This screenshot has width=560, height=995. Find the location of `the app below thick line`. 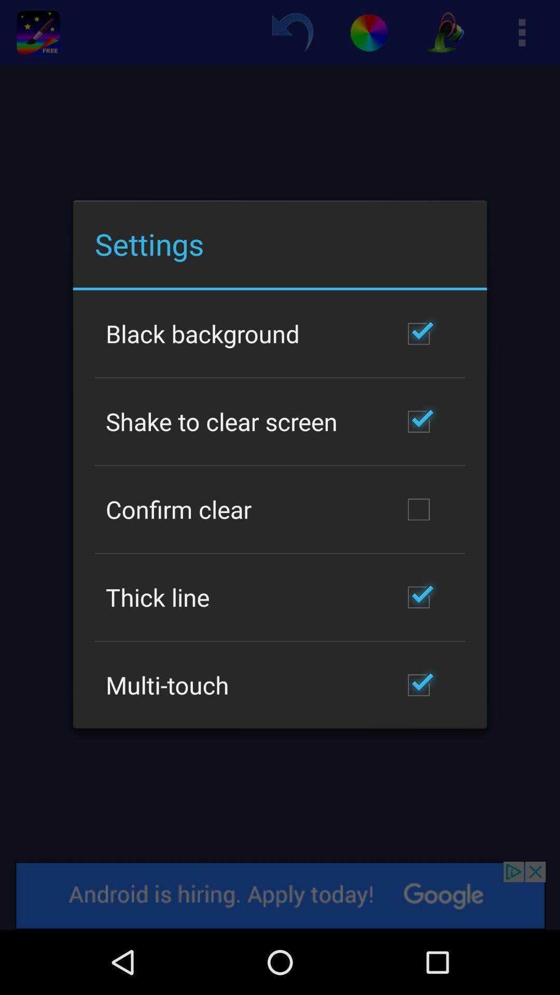

the app below thick line is located at coordinates (166, 685).